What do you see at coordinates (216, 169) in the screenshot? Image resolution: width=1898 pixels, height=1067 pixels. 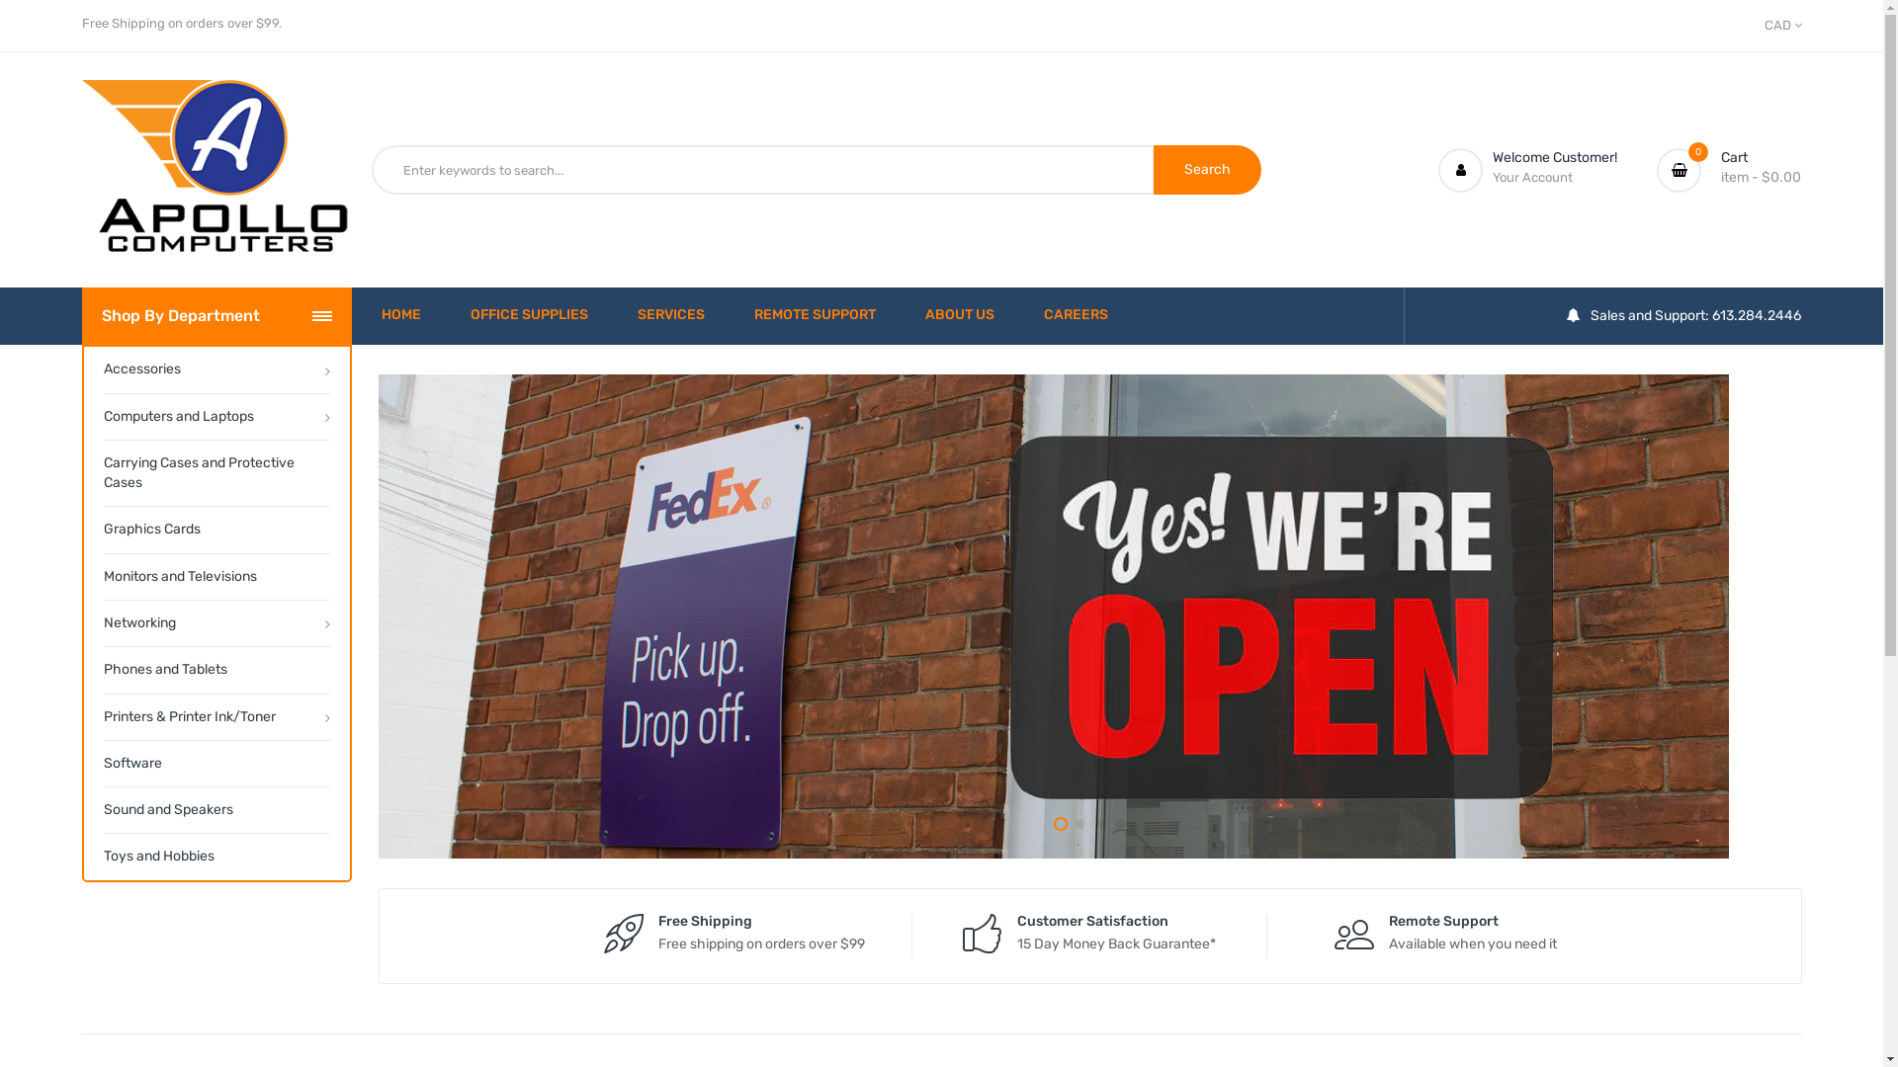 I see `'Apollo Computers'` at bounding box center [216, 169].